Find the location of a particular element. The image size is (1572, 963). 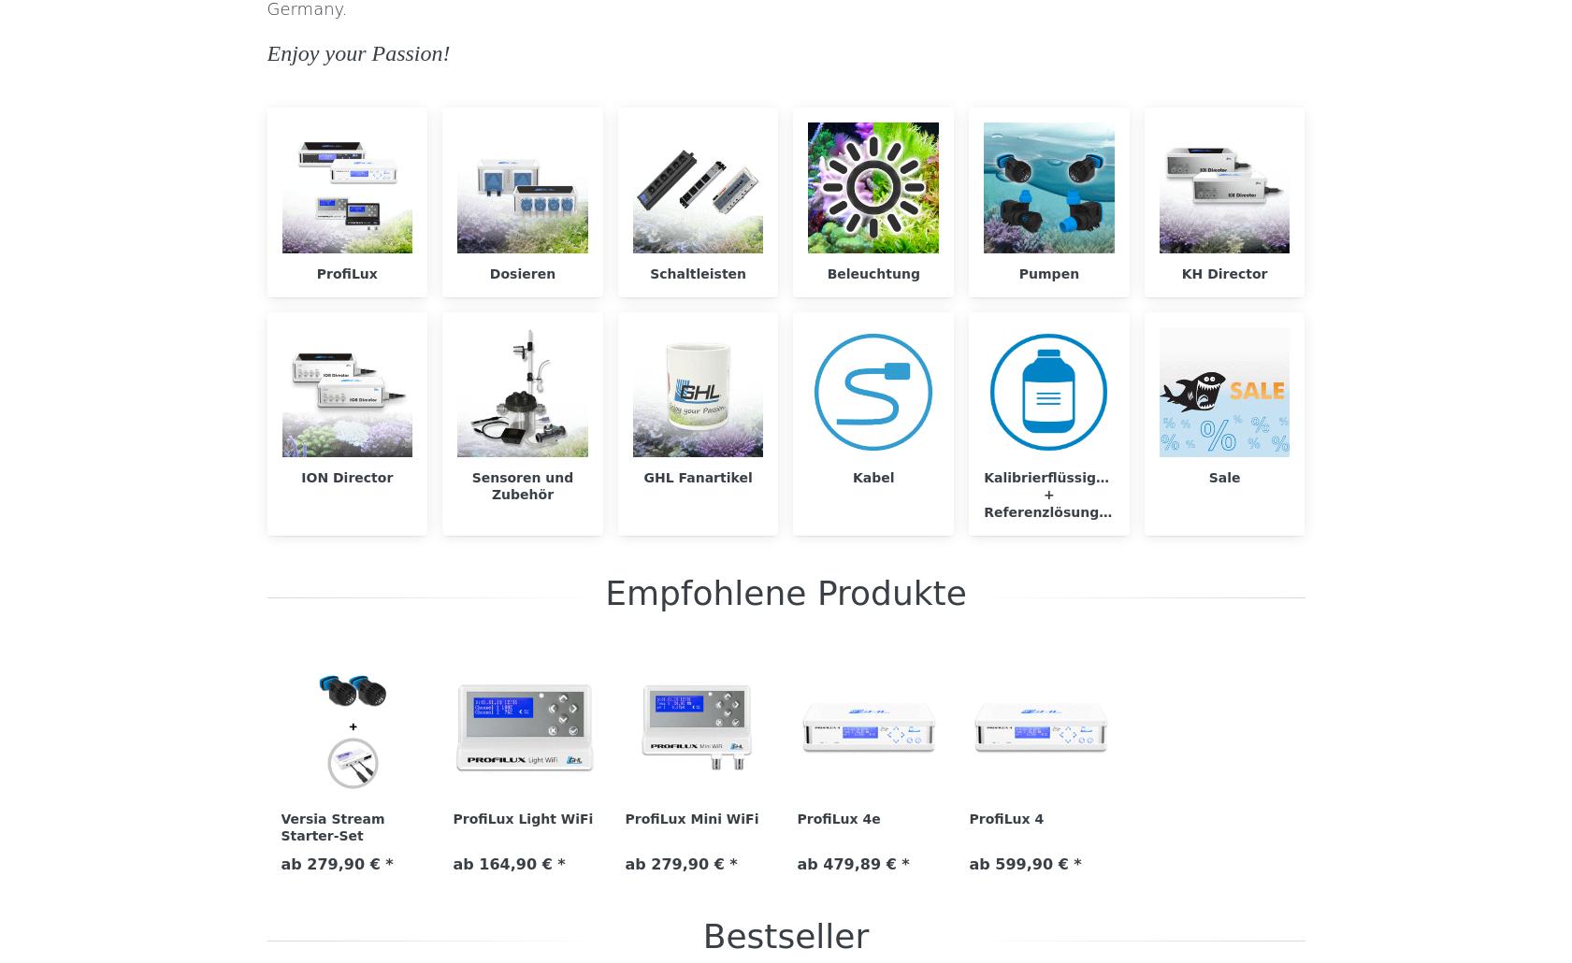

'ProfiLux 4e' is located at coordinates (796, 817).